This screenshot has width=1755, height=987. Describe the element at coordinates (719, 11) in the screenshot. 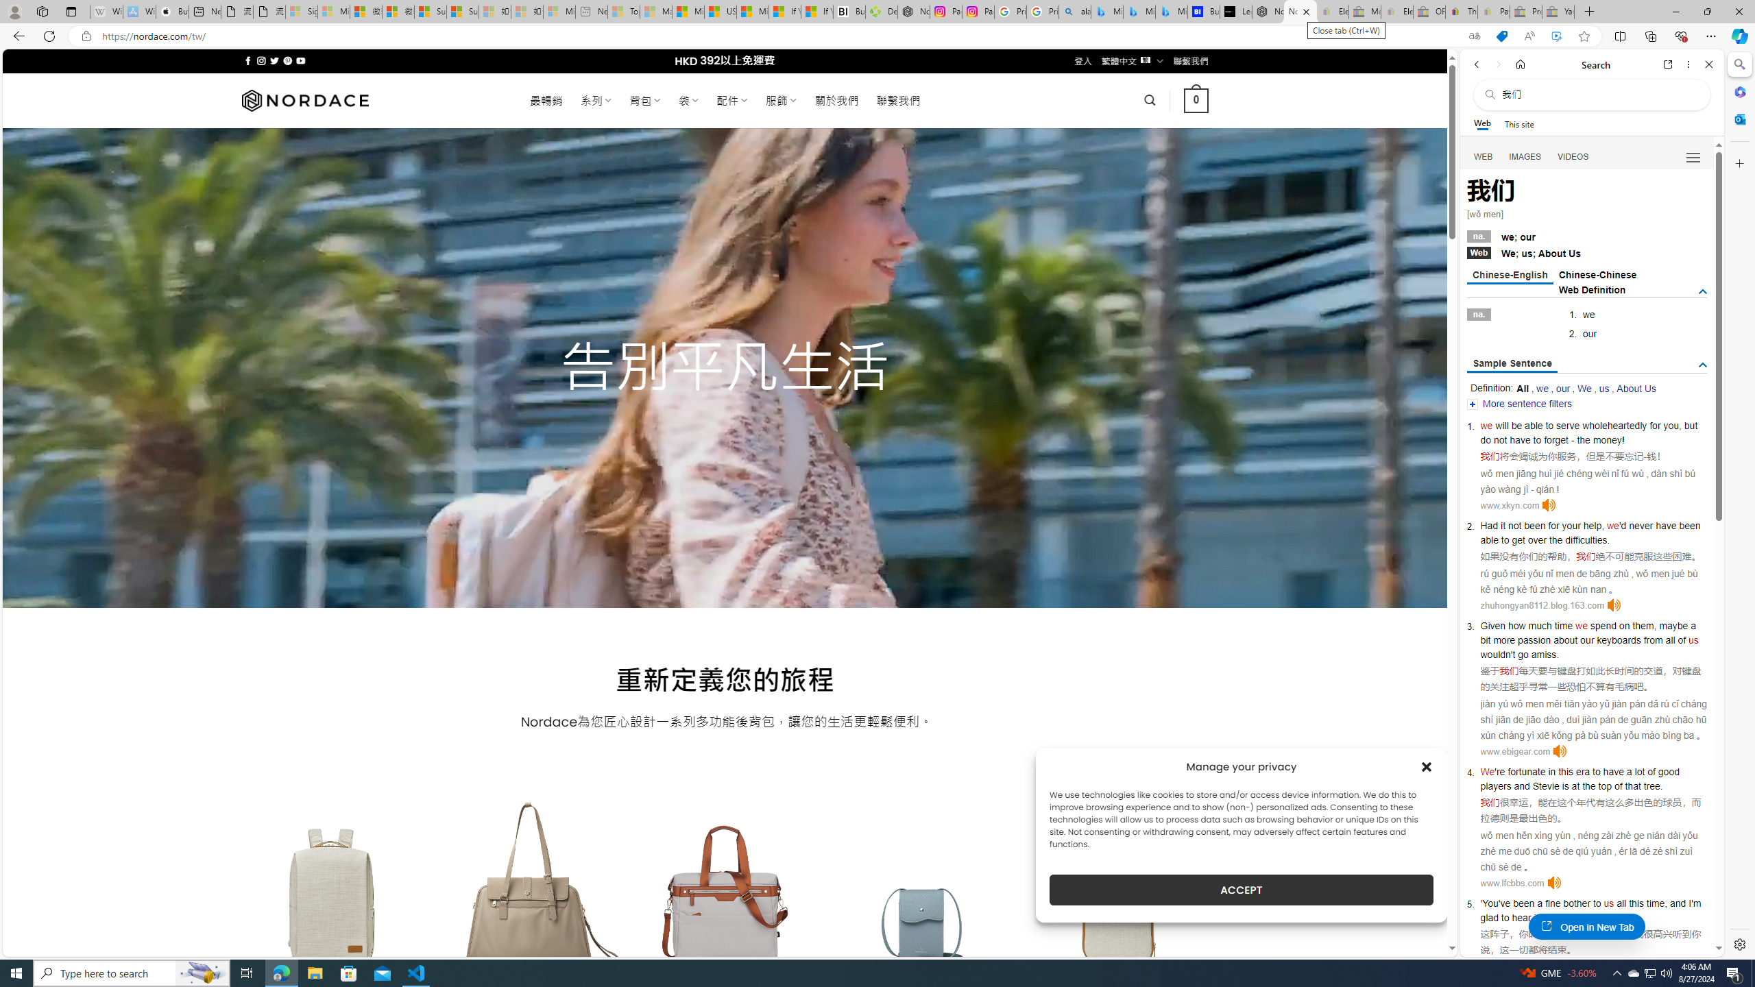

I see `'US Heat Deaths Soared To Record High Last Year'` at that location.